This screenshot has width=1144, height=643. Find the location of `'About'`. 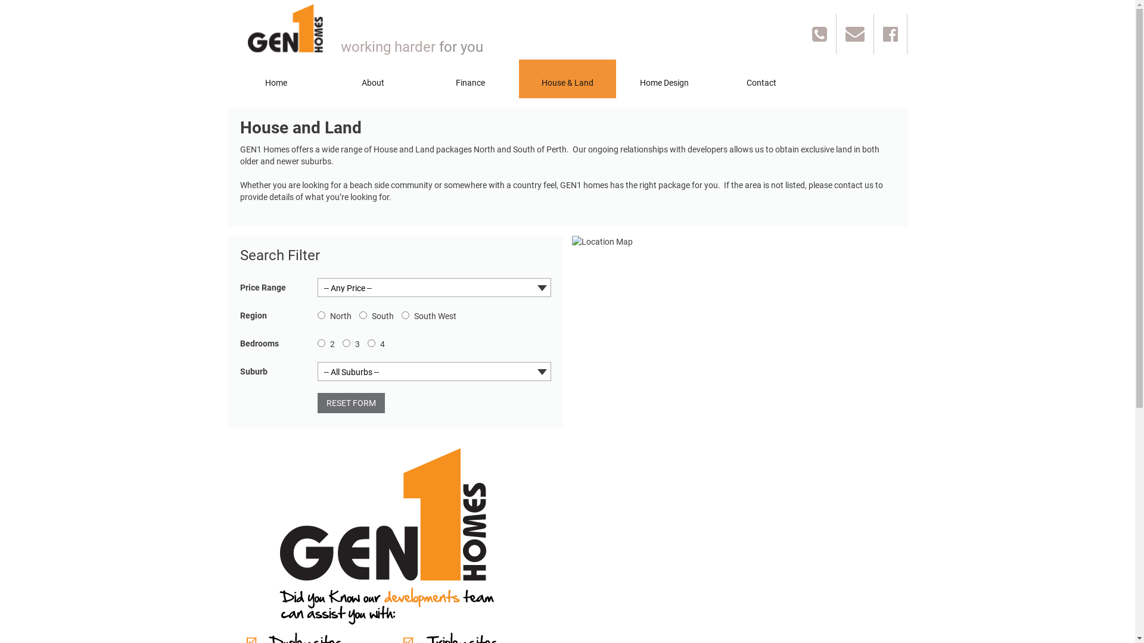

'About' is located at coordinates (324, 82).